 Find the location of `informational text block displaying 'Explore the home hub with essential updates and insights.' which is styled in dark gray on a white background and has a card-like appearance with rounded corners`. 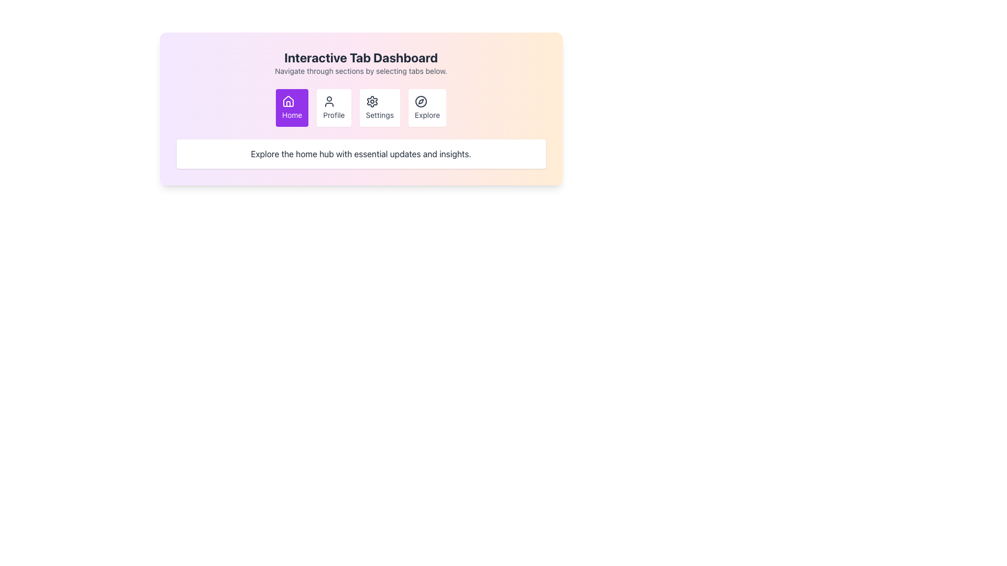

informational text block displaying 'Explore the home hub with essential updates and insights.' which is styled in dark gray on a white background and has a card-like appearance with rounded corners is located at coordinates (361, 154).